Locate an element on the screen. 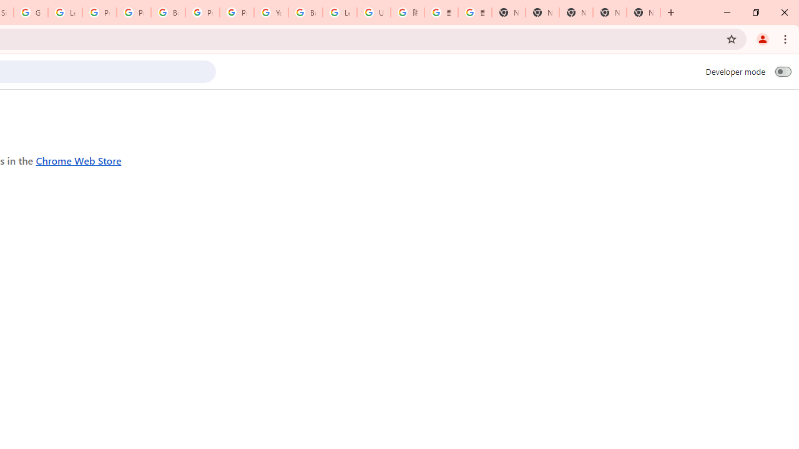  'Developer mode' is located at coordinates (783, 71).